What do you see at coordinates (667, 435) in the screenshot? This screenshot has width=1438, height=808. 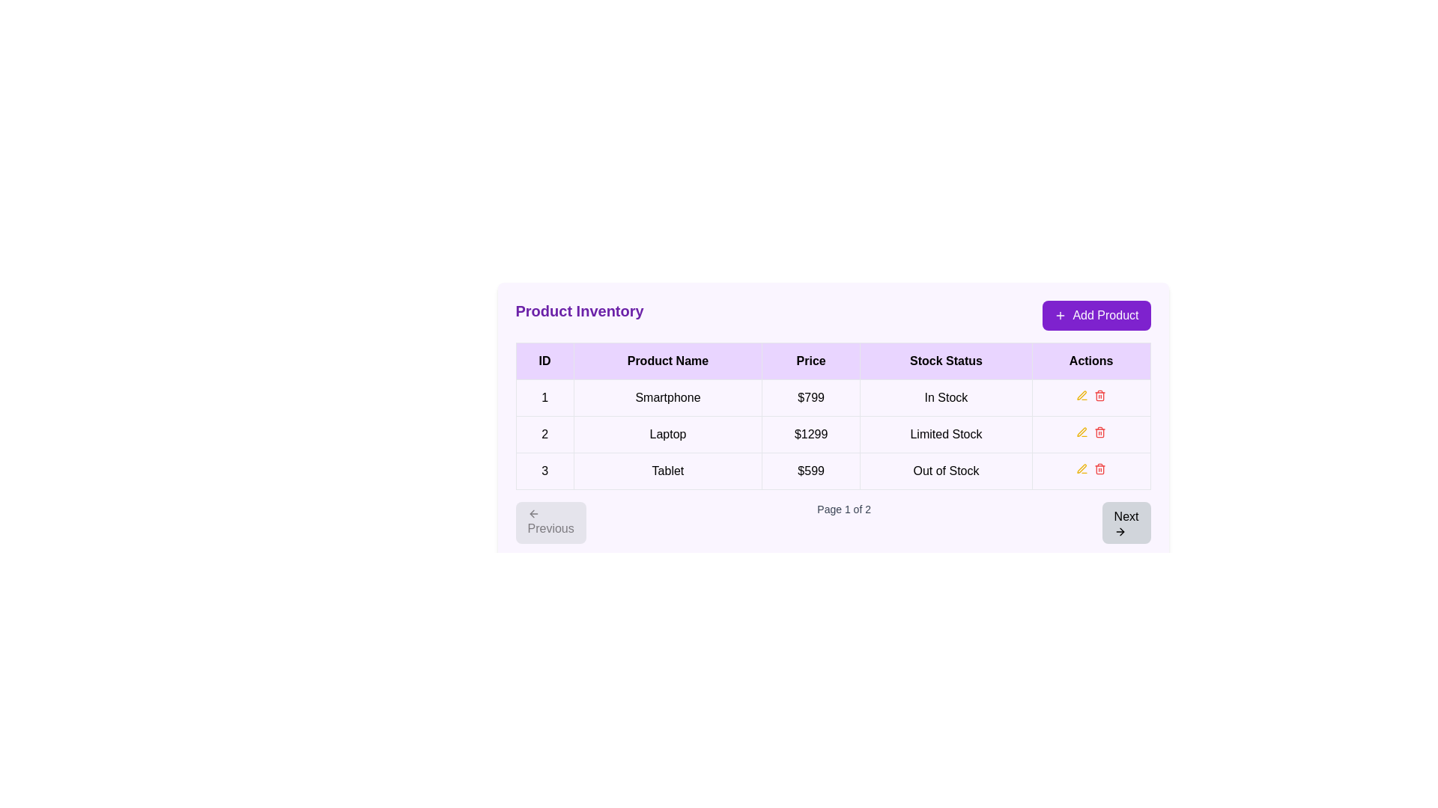 I see `the 'Laptop' text label in the second row under the 'Product Name' column of the 'Product Inventory' table` at bounding box center [667, 435].